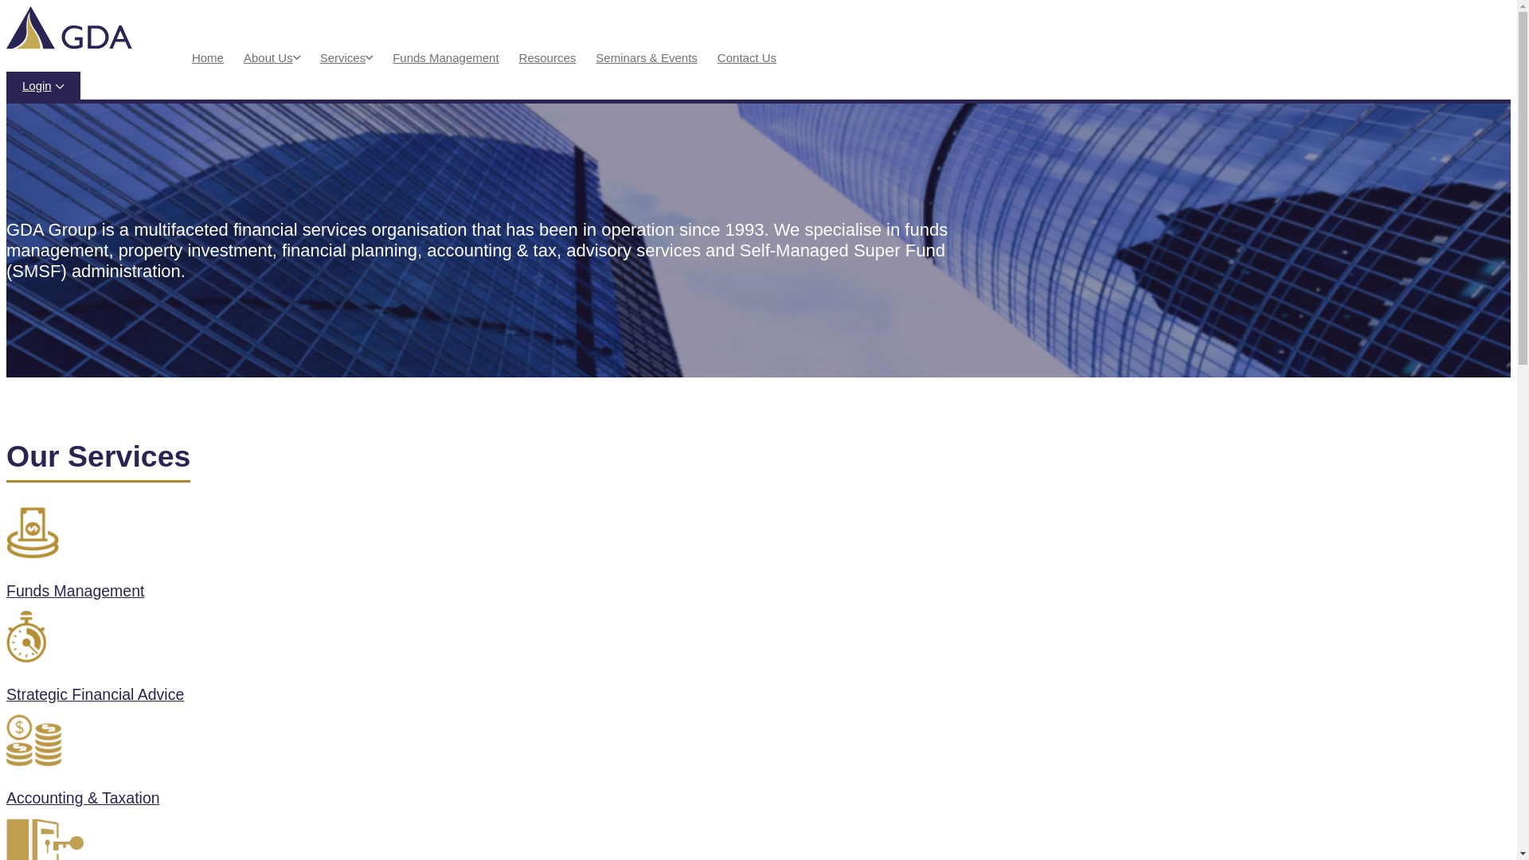  I want to click on 'Home', so click(206, 57).